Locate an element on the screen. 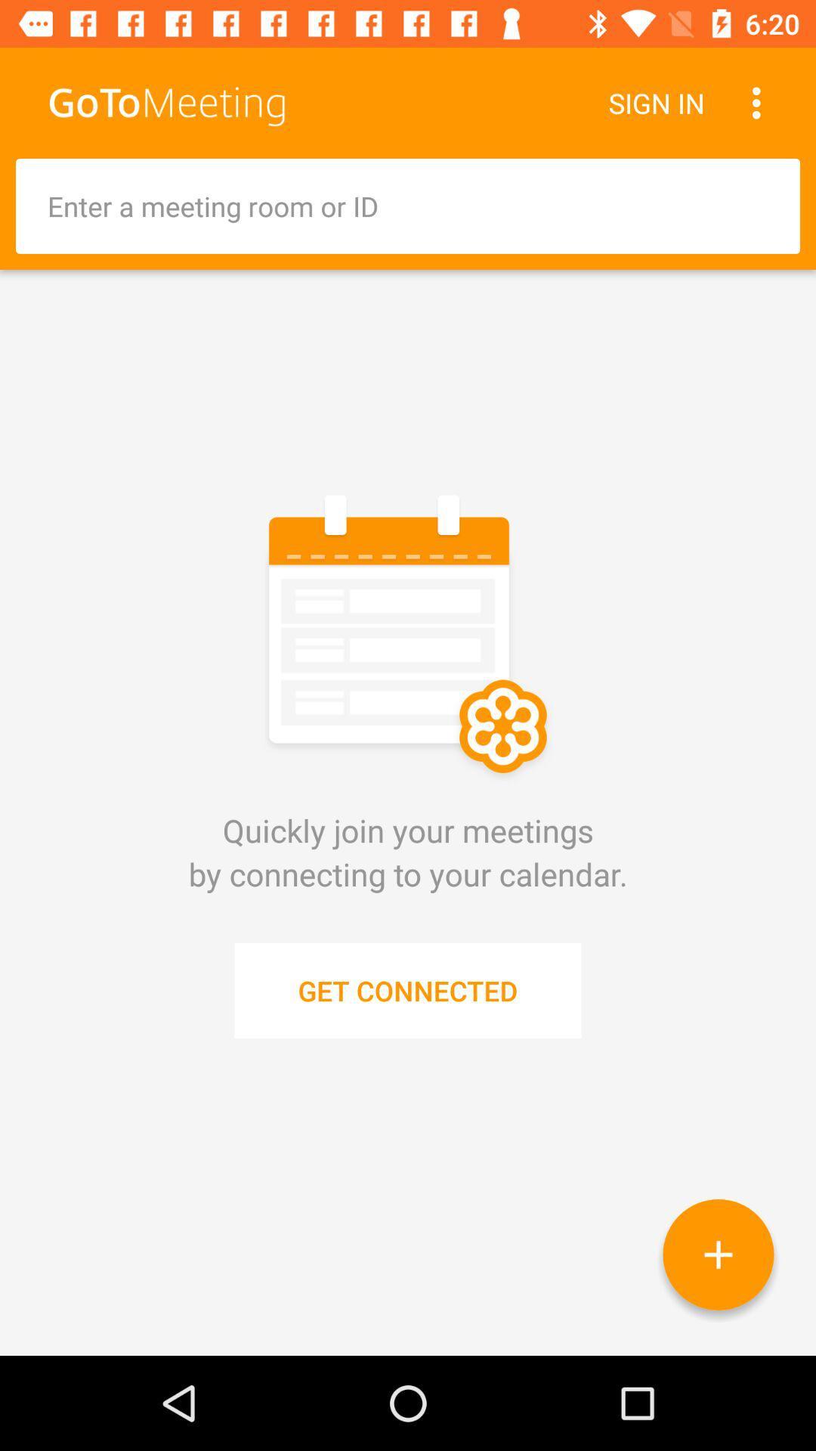 This screenshot has height=1451, width=816. the get connected is located at coordinates (408, 990).